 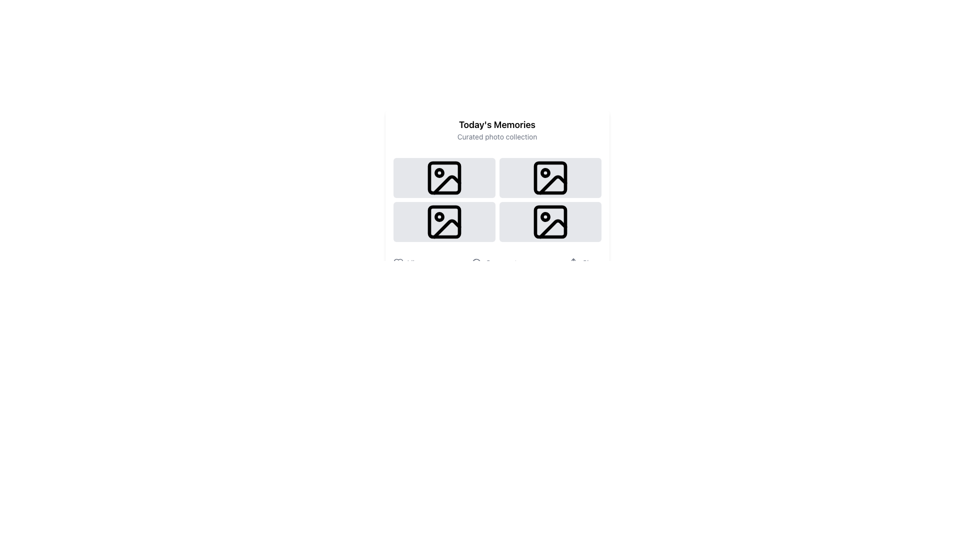 I want to click on the heart icon that represents the 'like' action, which is located to the left of the text label 'Like.', so click(x=397, y=262).